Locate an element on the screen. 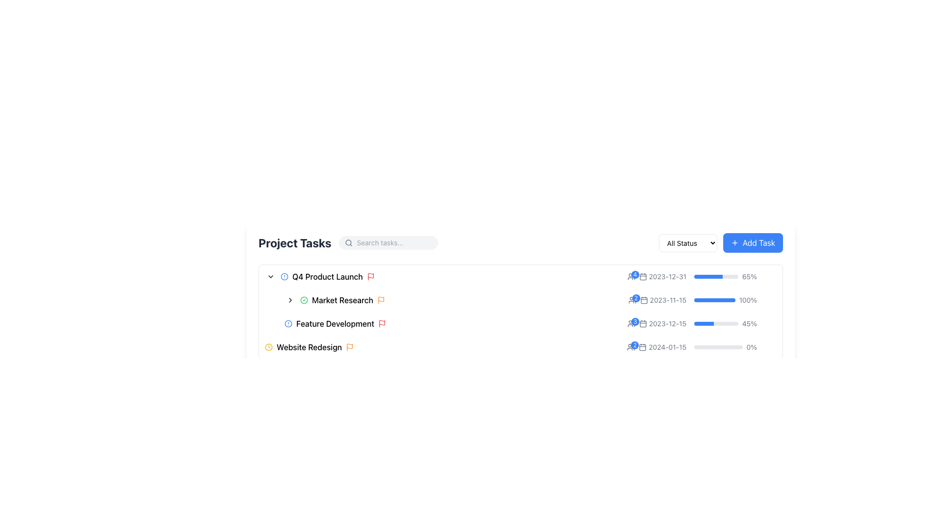  the orange flag icon located to the right of the 'Market Research' label is located at coordinates (380, 300).